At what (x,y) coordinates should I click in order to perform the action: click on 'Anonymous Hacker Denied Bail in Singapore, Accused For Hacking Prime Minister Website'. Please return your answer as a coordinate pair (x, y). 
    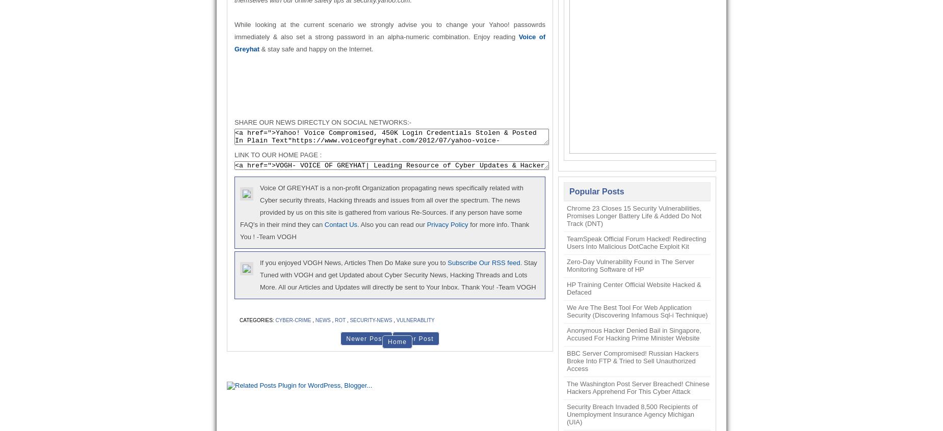
    Looking at the image, I should click on (566, 334).